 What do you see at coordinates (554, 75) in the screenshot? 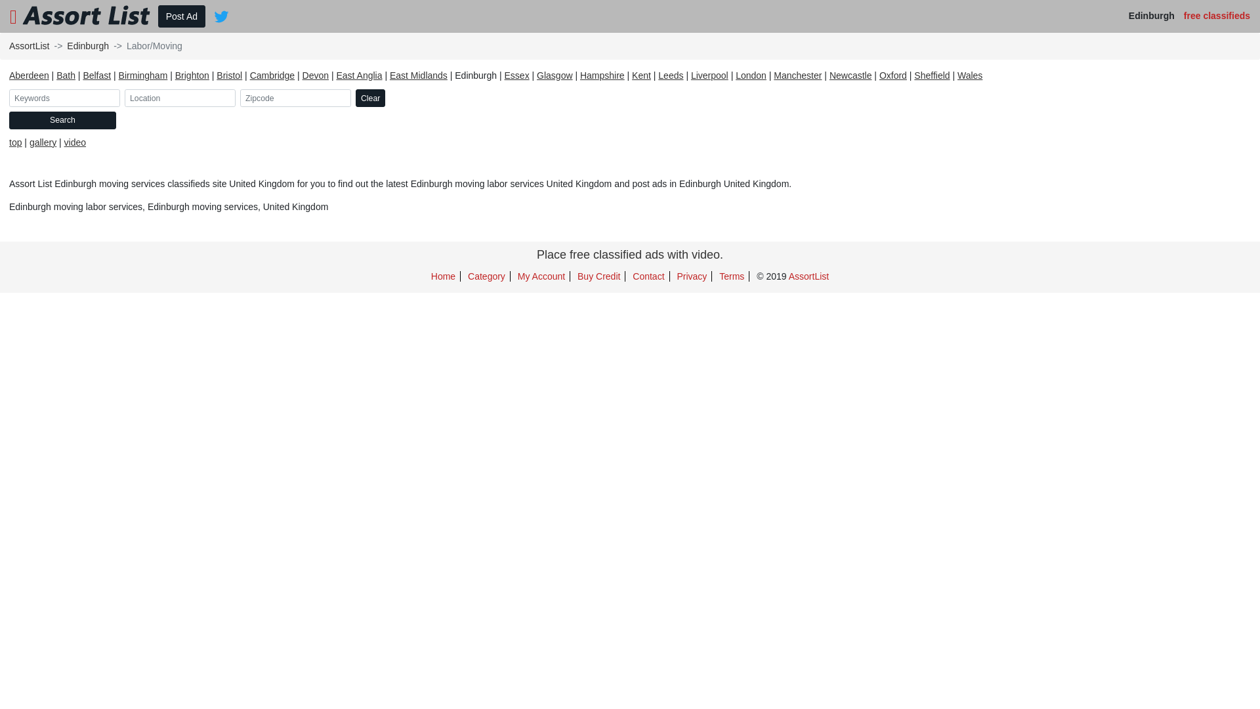
I see `'Glasgow'` at bounding box center [554, 75].